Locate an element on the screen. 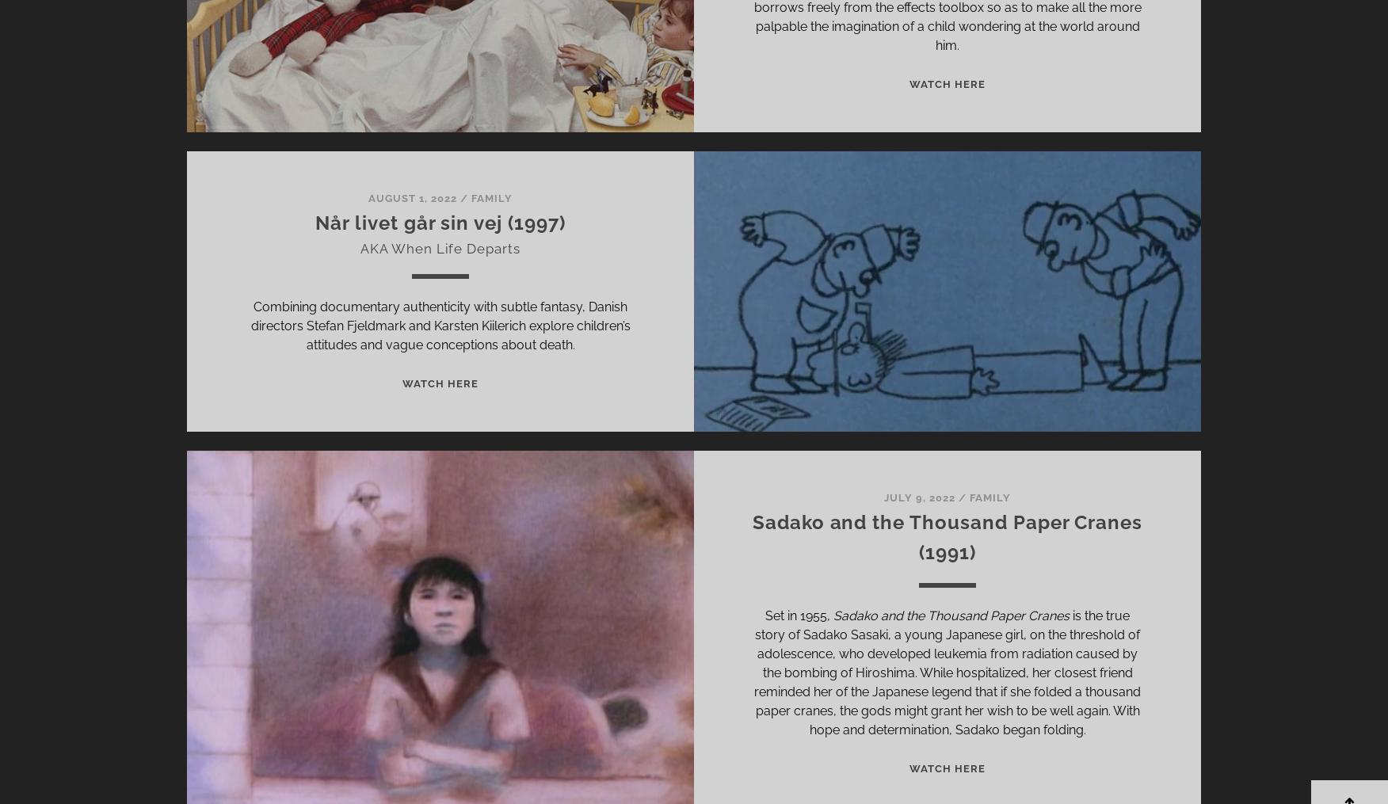 The image size is (1388, 804). 'is the true story of Sadako Sasaki, a young Japanese girl, on the threshold of adolescence, who developed leukemia from radiation caused by the bombing of Hiroshima. While hospitalized, her closest friend reminded her of the Japanese legend that if she folded a thousand paper cranes, the gods might grant her wish to be well again. With hope and determination, Sadako began folding.' is located at coordinates (947, 672).